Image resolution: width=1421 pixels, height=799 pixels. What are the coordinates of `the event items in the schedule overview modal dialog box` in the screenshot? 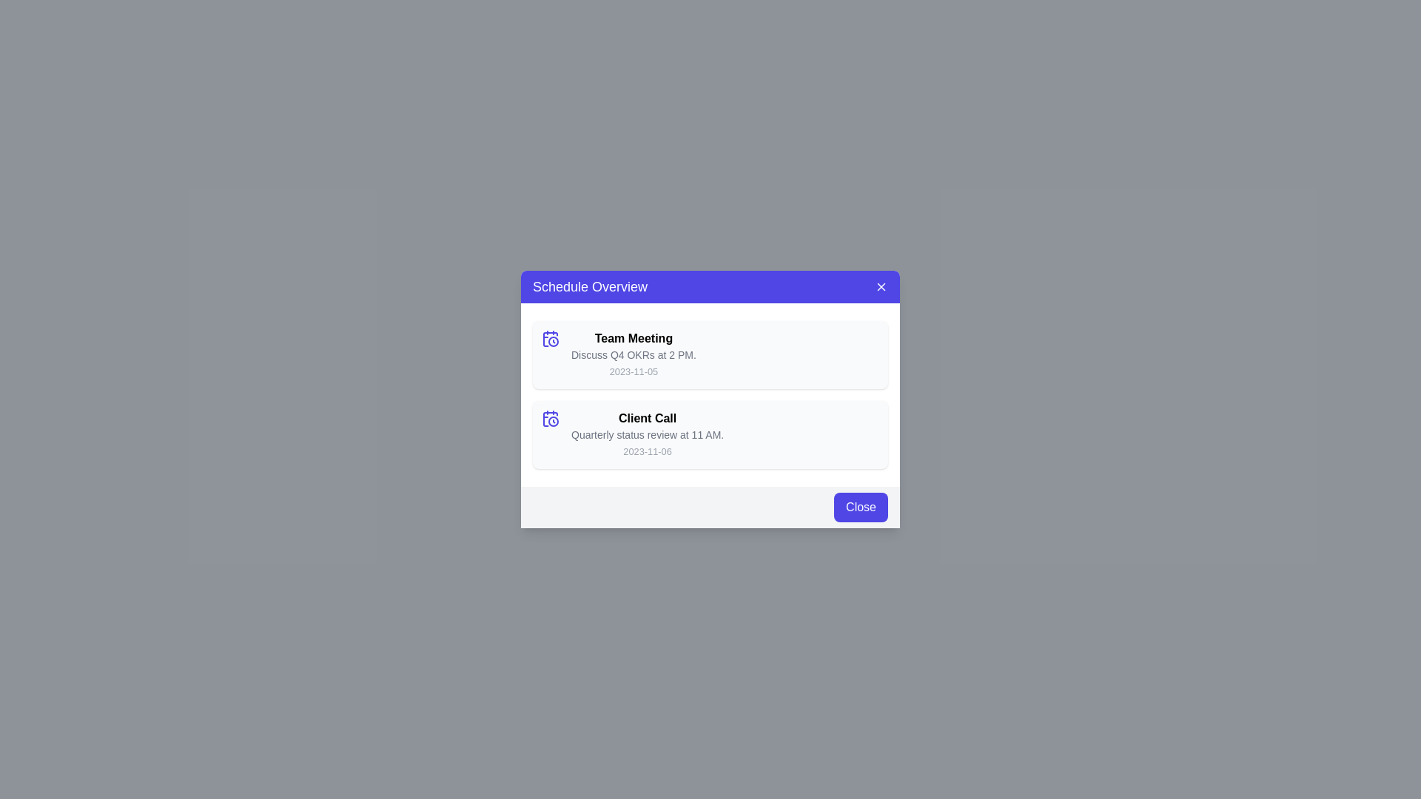 It's located at (710, 399).